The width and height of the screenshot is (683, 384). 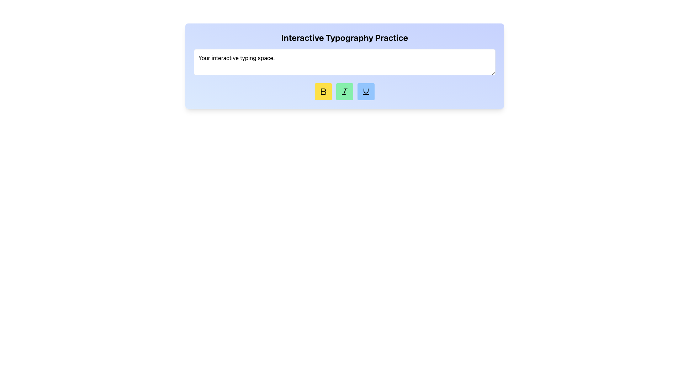 I want to click on the green button in the Button Group with Icons to apply italic style, so click(x=345, y=91).